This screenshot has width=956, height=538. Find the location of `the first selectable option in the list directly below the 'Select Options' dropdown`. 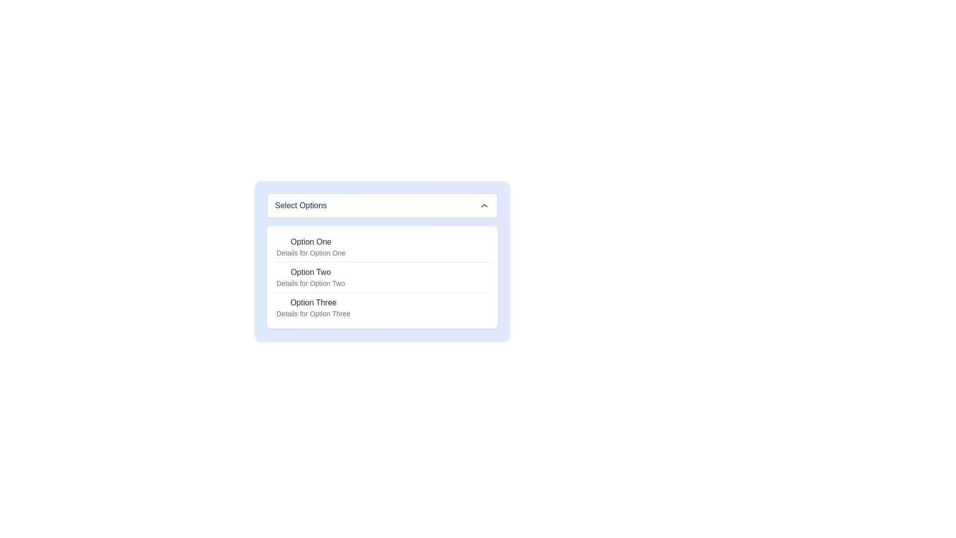

the first selectable option in the list directly below the 'Select Options' dropdown is located at coordinates (381, 247).